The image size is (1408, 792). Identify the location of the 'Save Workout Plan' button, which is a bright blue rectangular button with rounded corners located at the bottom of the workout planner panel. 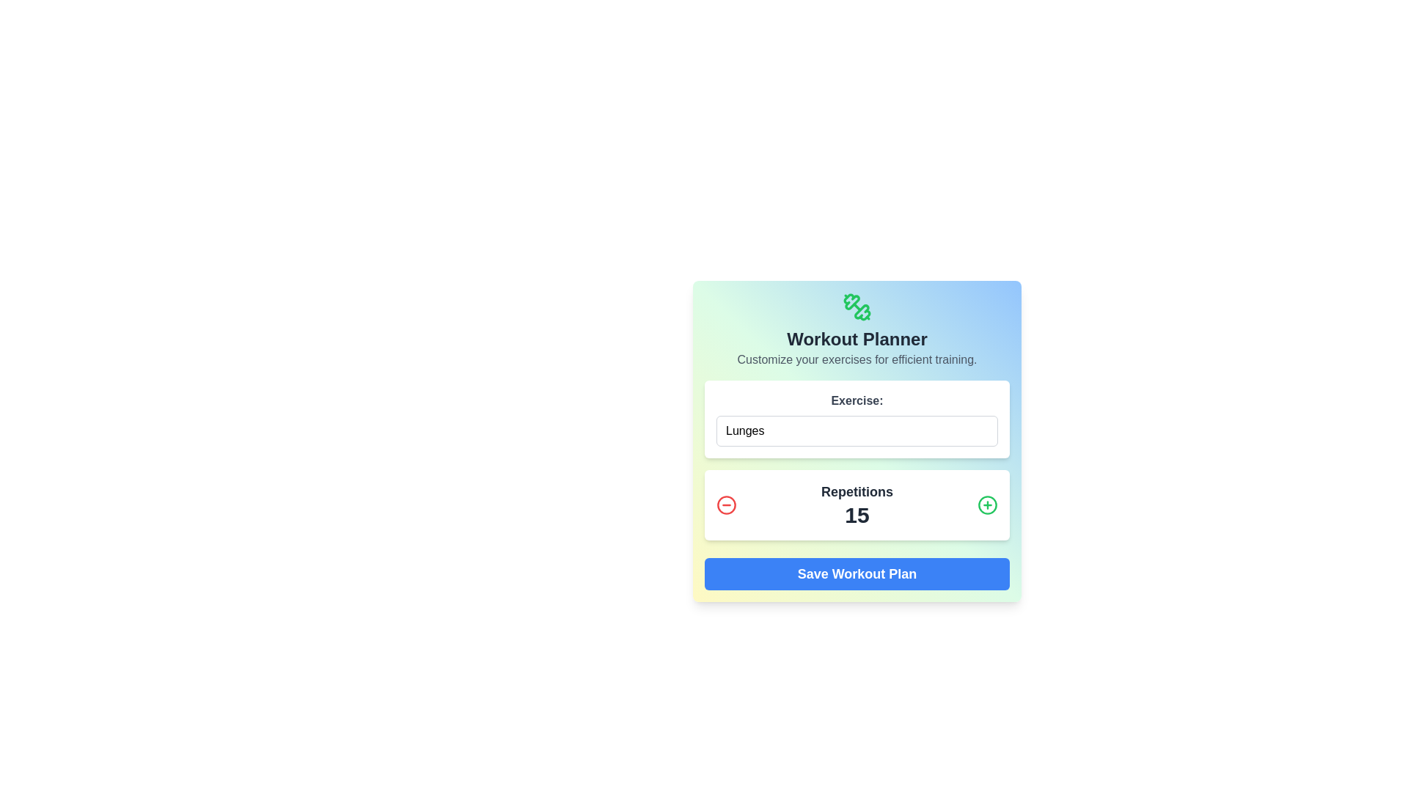
(857, 573).